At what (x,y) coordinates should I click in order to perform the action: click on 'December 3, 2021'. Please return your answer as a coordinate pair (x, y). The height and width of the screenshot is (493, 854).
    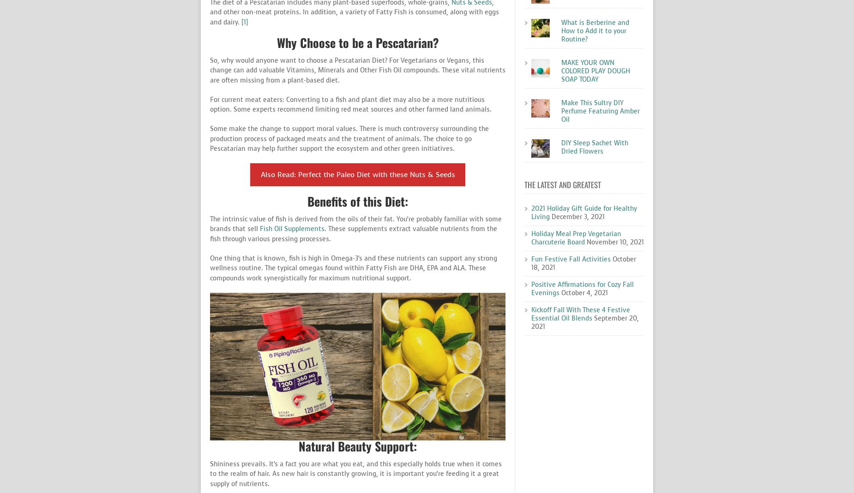
    Looking at the image, I should click on (577, 216).